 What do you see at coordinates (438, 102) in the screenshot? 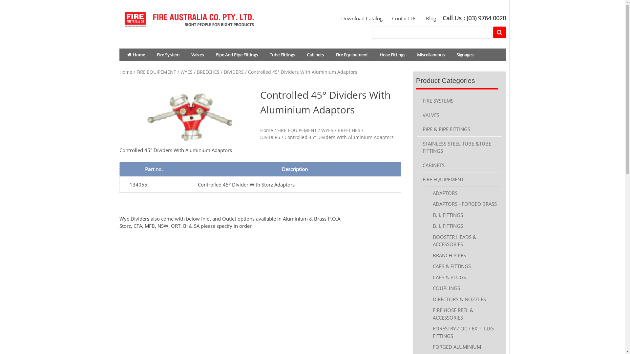
I see `'FIRE SYSTEMS'` at bounding box center [438, 102].